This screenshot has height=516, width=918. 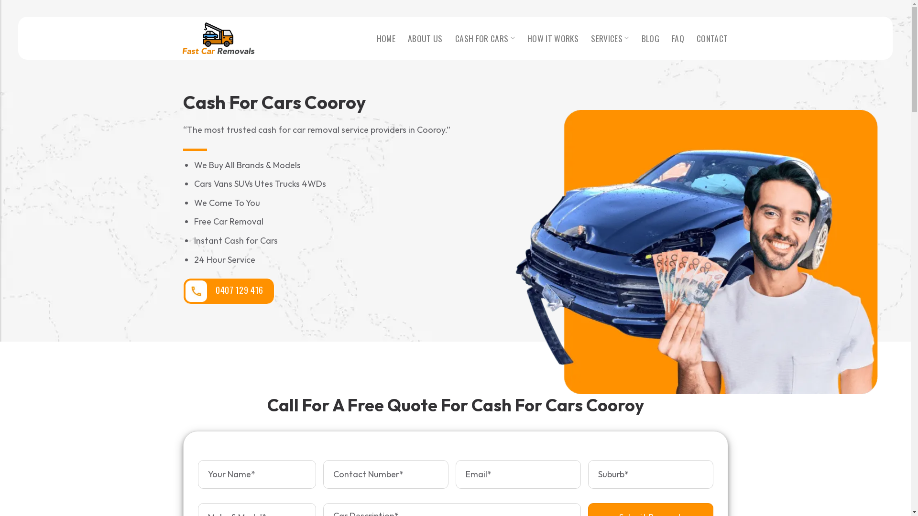 I want to click on 'Fast Car Removals', so click(x=218, y=38).